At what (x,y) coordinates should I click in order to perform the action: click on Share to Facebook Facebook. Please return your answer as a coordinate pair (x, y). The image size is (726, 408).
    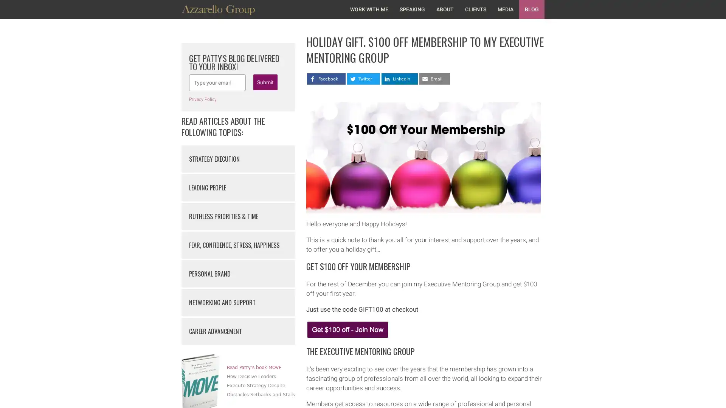
    Looking at the image, I should click on (326, 79).